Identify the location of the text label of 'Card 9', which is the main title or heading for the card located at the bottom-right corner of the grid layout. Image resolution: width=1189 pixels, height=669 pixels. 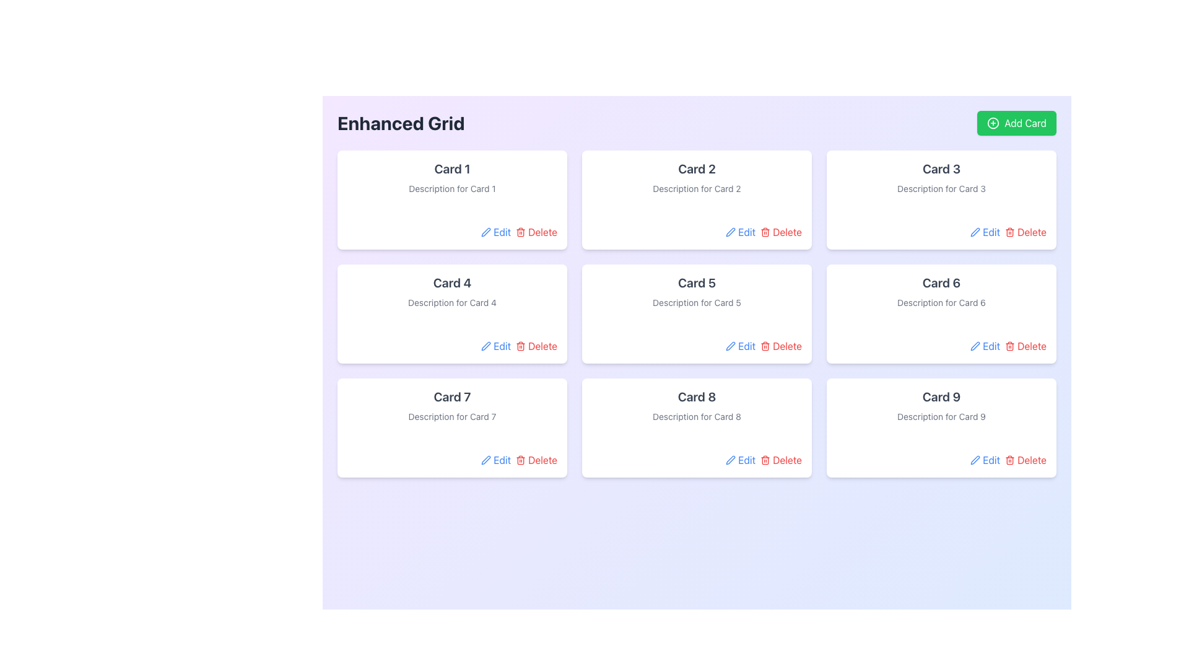
(941, 396).